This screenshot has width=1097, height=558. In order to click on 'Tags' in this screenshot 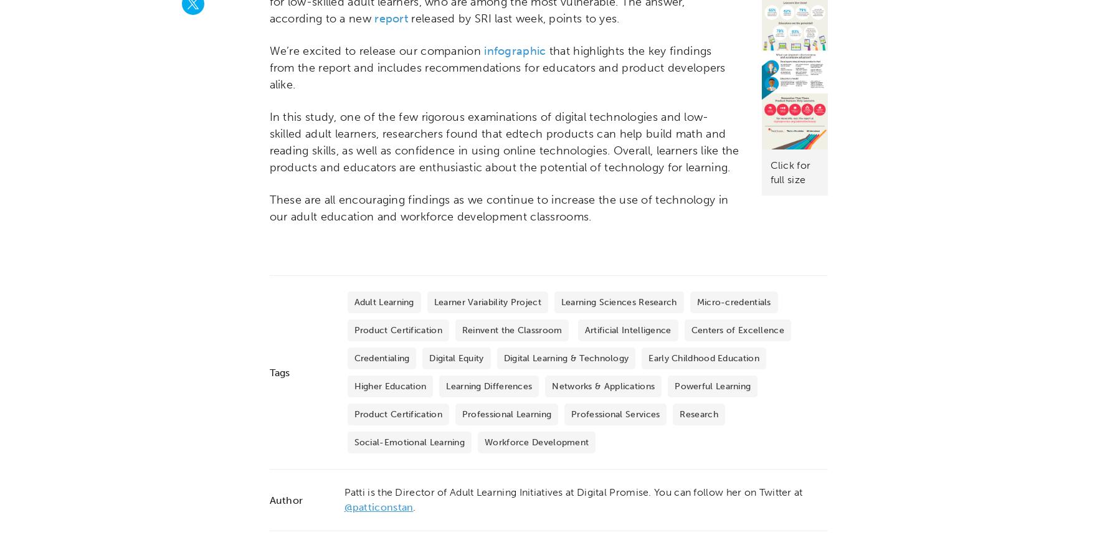, I will do `click(268, 372)`.